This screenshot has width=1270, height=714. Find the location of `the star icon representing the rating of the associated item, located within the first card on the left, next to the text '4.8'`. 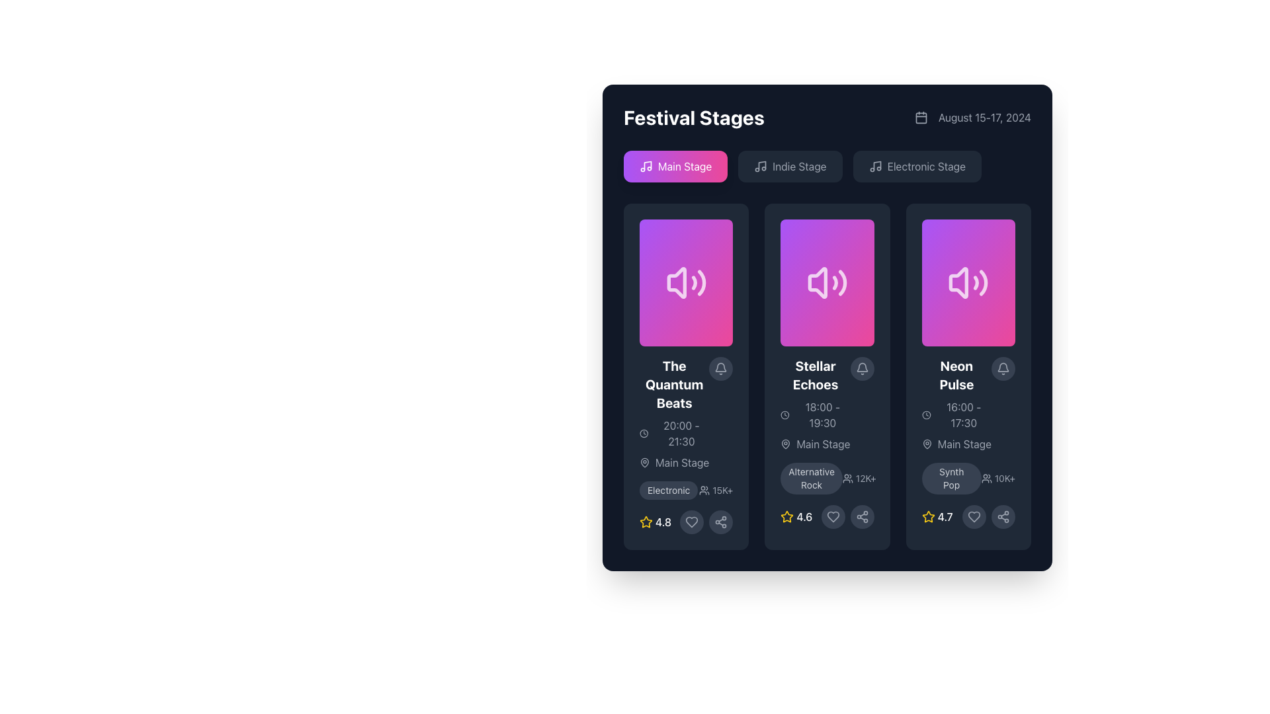

the star icon representing the rating of the associated item, located within the first card on the left, next to the text '4.8' is located at coordinates (646, 522).